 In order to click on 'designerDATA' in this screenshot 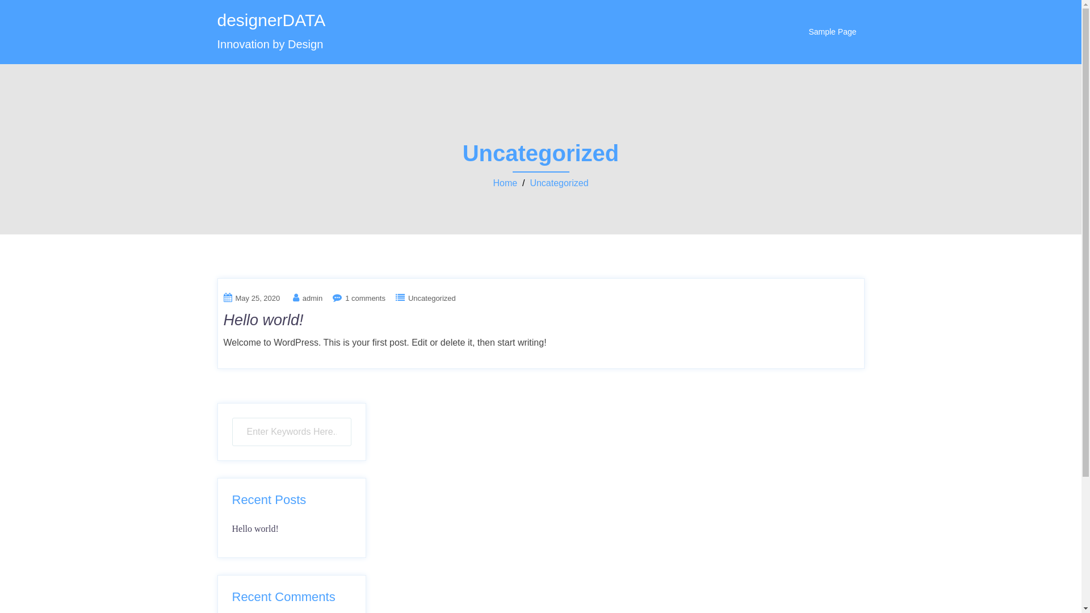, I will do `click(270, 20)`.